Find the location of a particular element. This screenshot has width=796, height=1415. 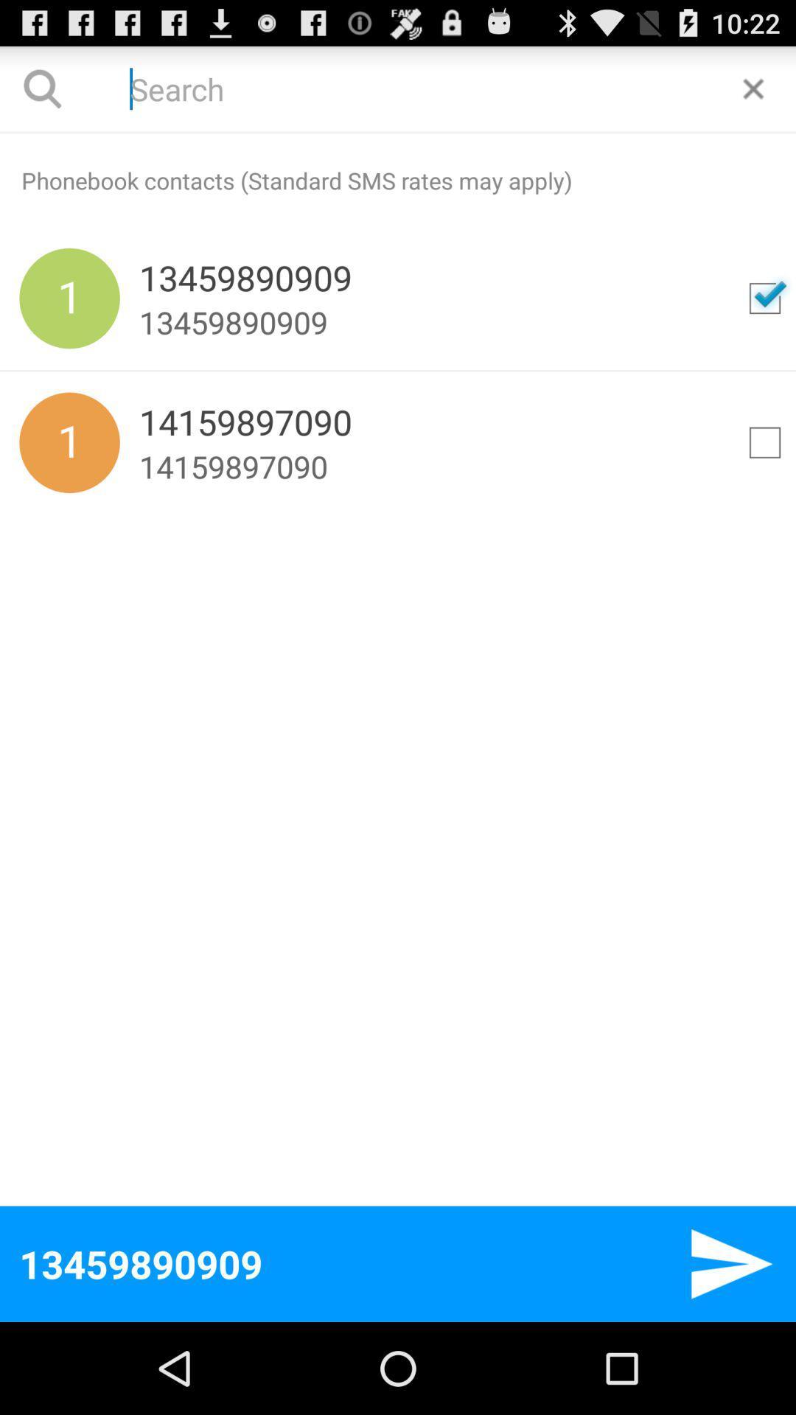

cancel search query is located at coordinates (753, 88).